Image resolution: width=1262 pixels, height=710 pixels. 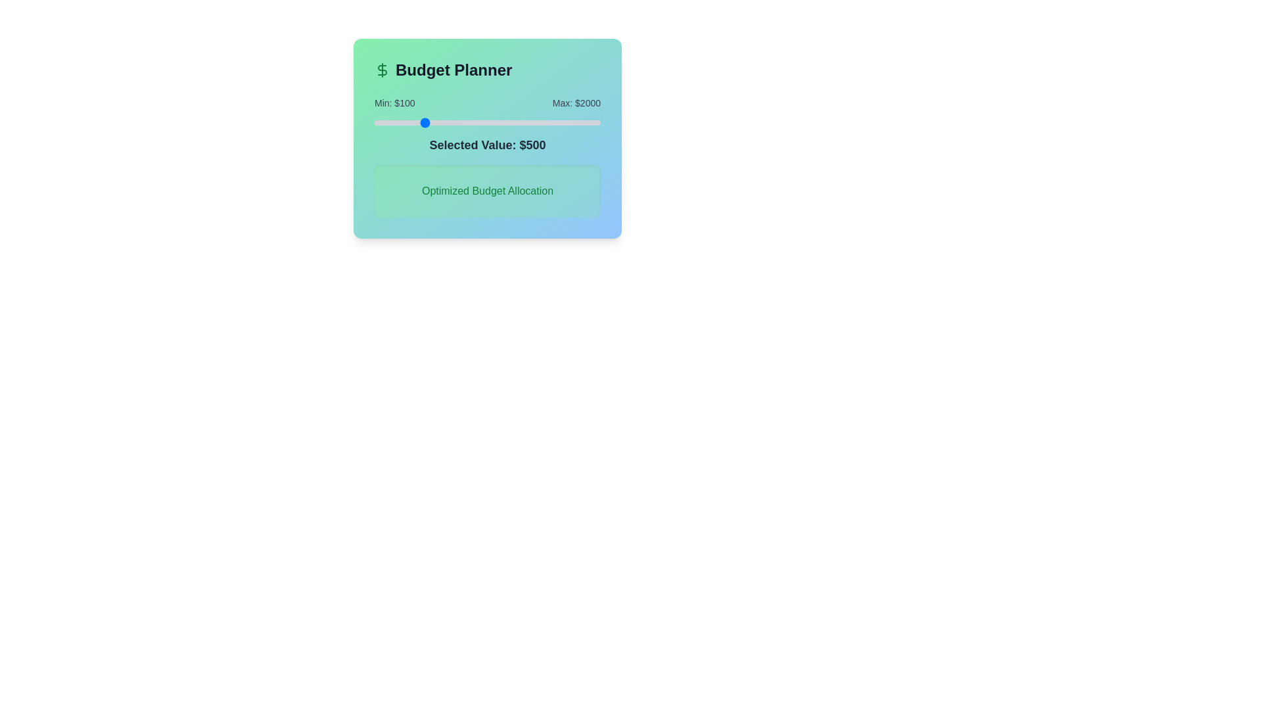 I want to click on the slider to the desired value 310, so click(x=399, y=122).